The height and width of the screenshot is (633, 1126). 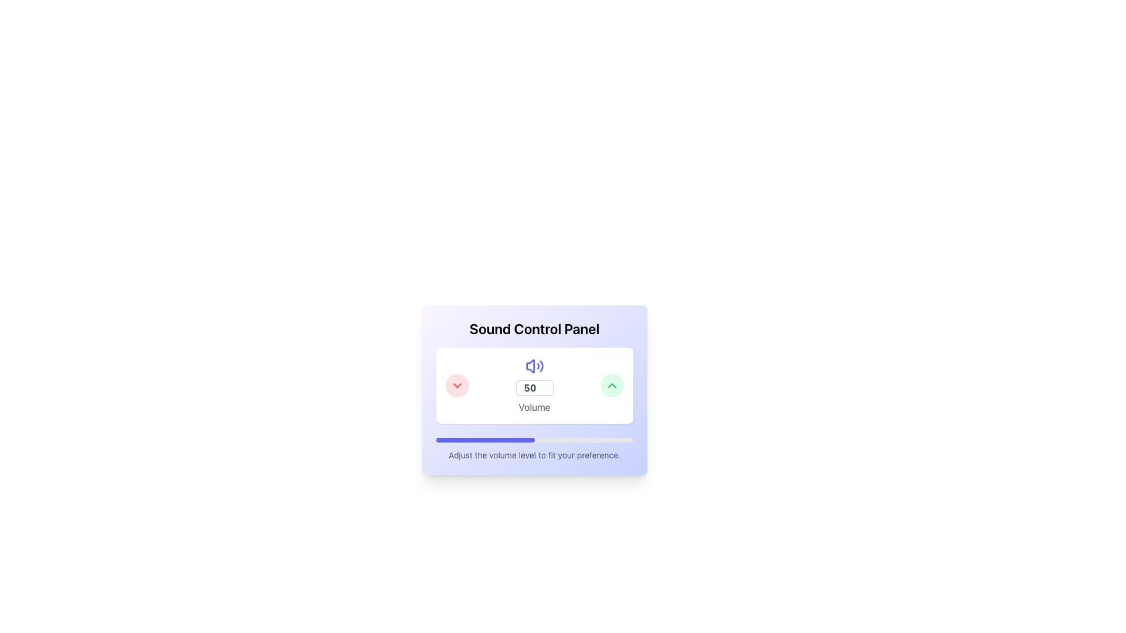 I want to click on the Progress Bar located at the bottom of the Sound Control Panel, which visually indicates the volume level, so click(x=534, y=440).